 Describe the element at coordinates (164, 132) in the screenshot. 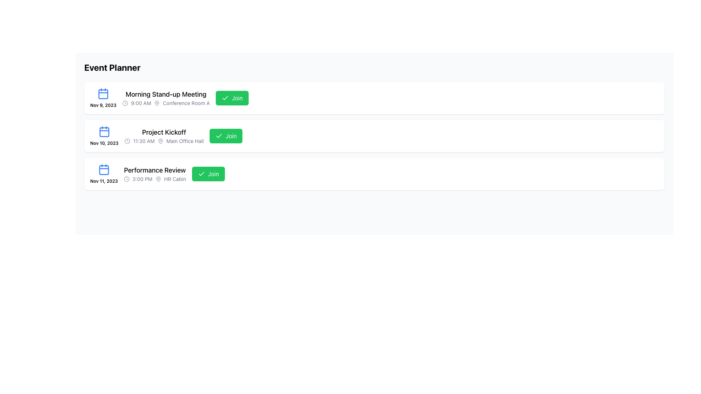

I see `the text label 'Project Kickoff', which provides an overview of the event and is located in the second event row, aligned with an icon on the left and a green 'Join' button on the right` at that location.